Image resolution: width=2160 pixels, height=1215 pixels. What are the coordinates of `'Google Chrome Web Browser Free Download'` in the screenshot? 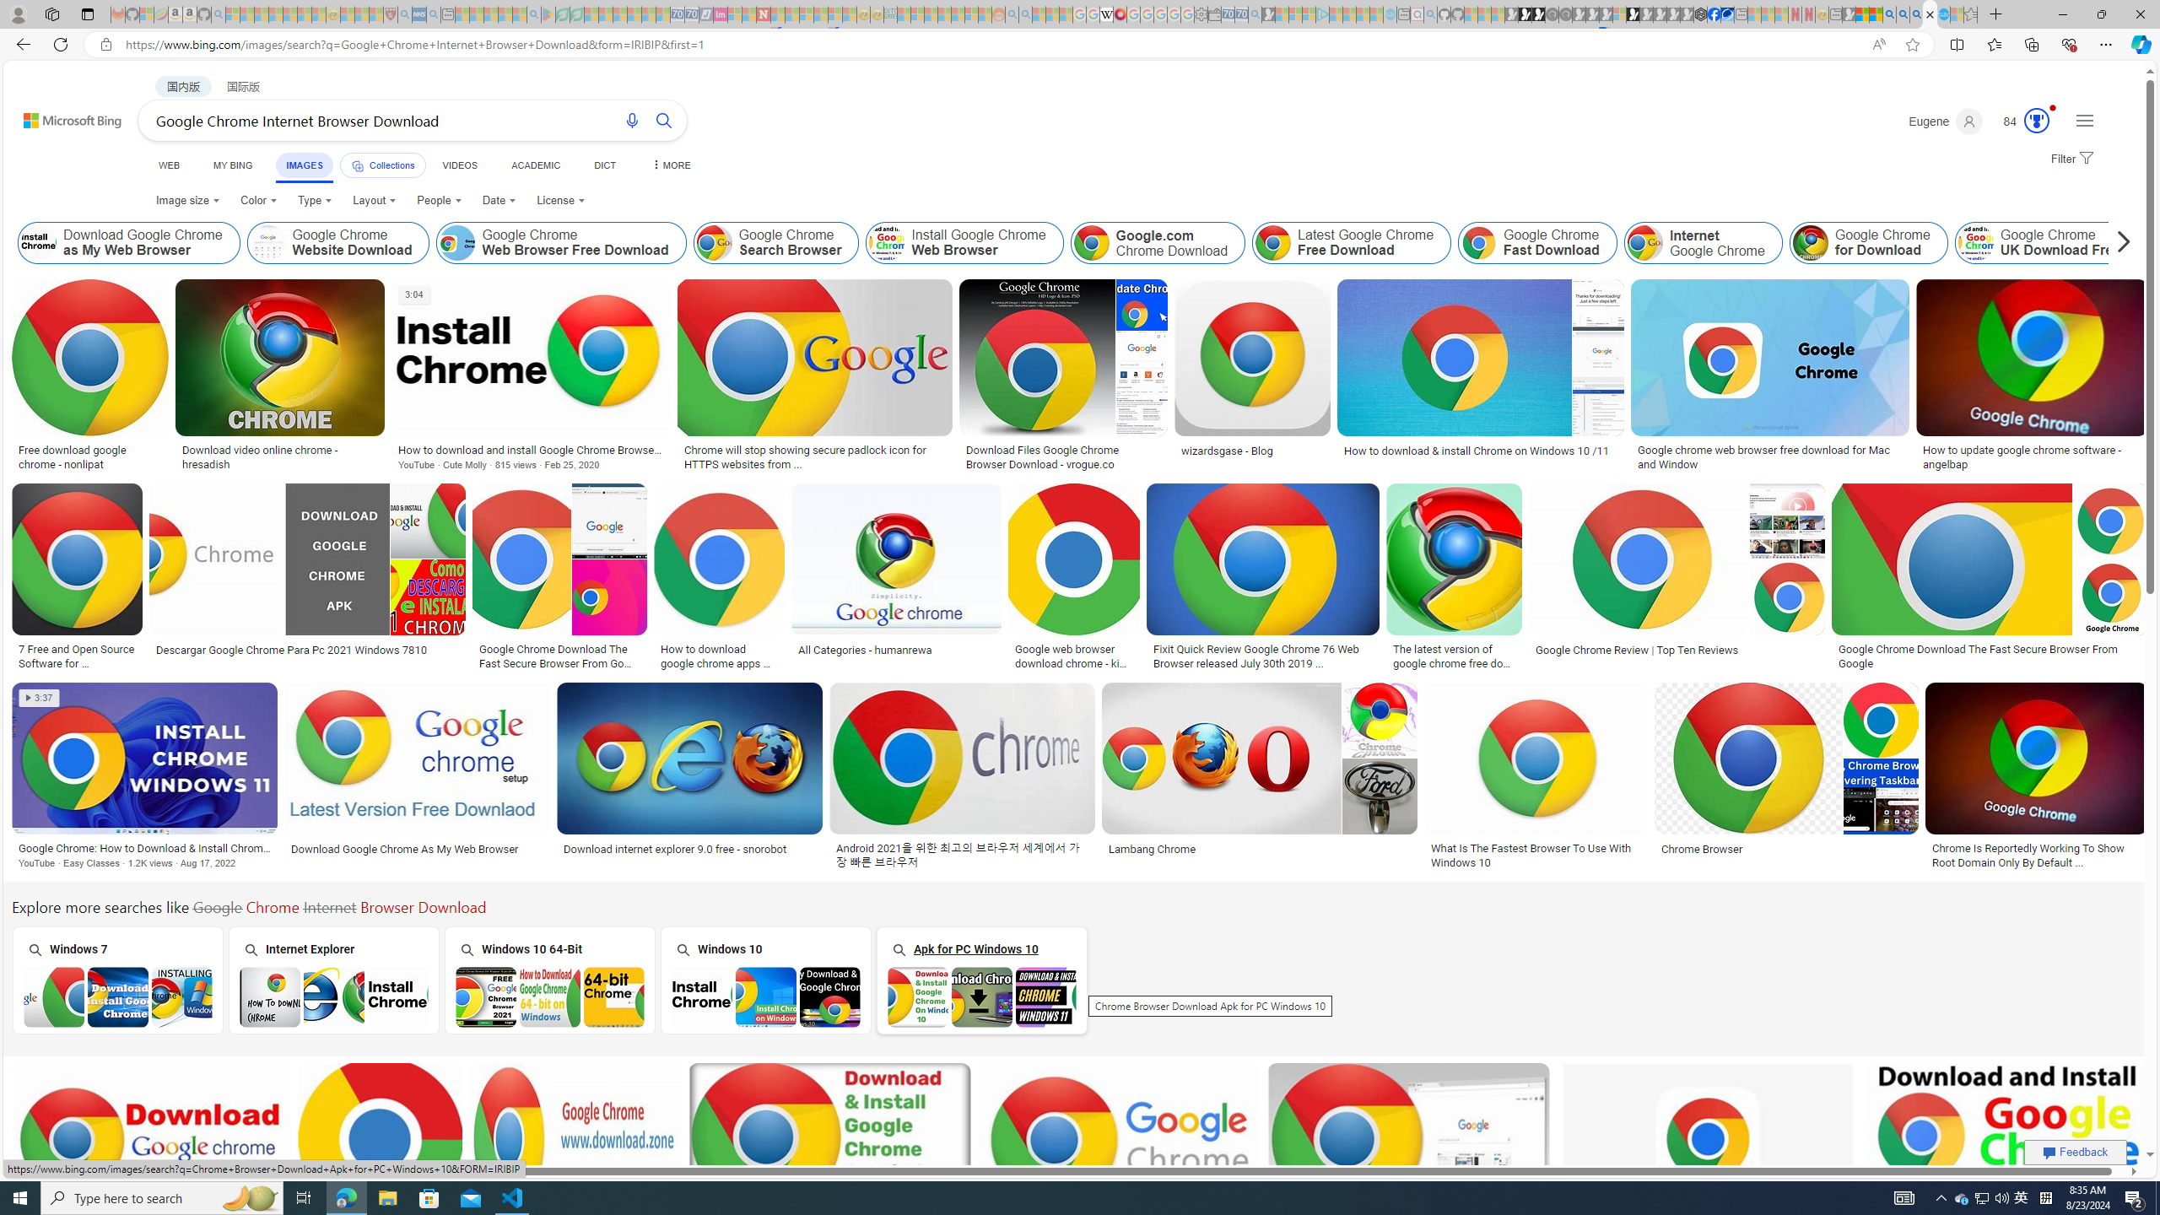 It's located at (457, 242).